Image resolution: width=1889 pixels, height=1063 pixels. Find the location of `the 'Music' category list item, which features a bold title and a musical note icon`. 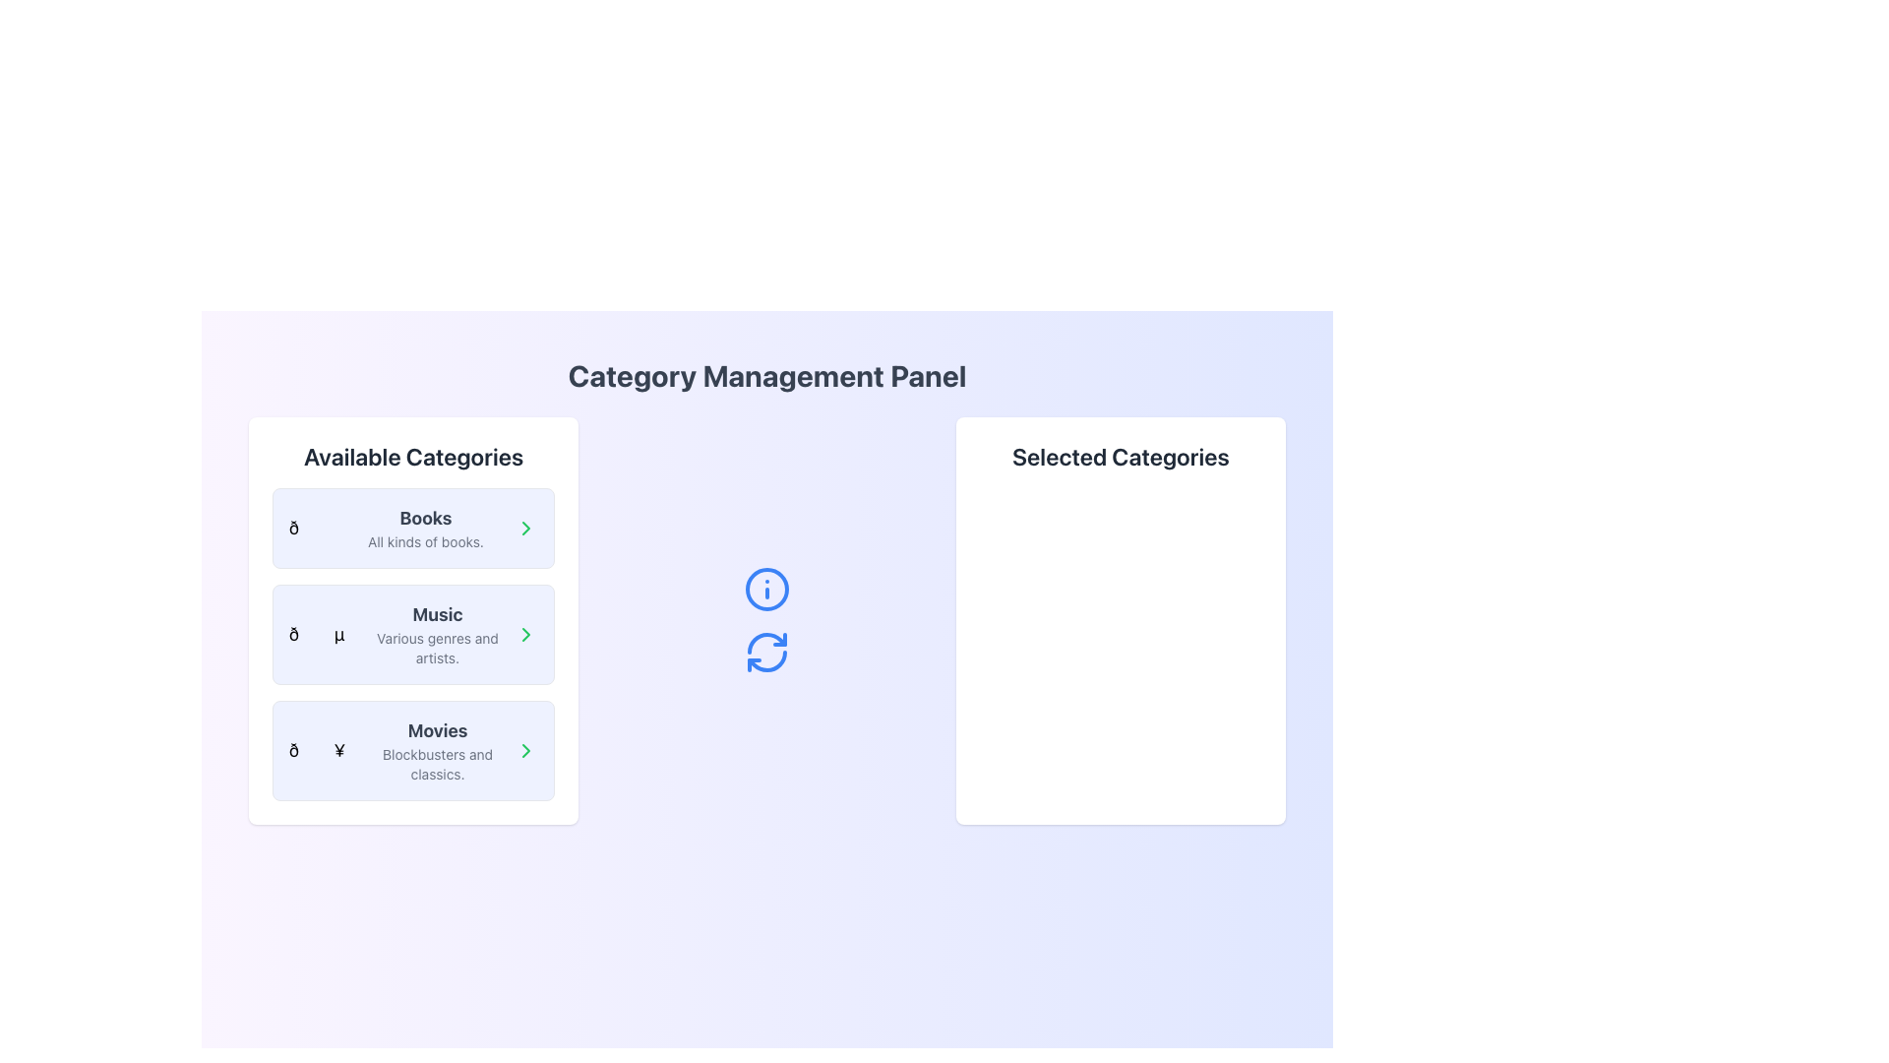

the 'Music' category list item, which features a bold title and a musical note icon is located at coordinates (400, 634).